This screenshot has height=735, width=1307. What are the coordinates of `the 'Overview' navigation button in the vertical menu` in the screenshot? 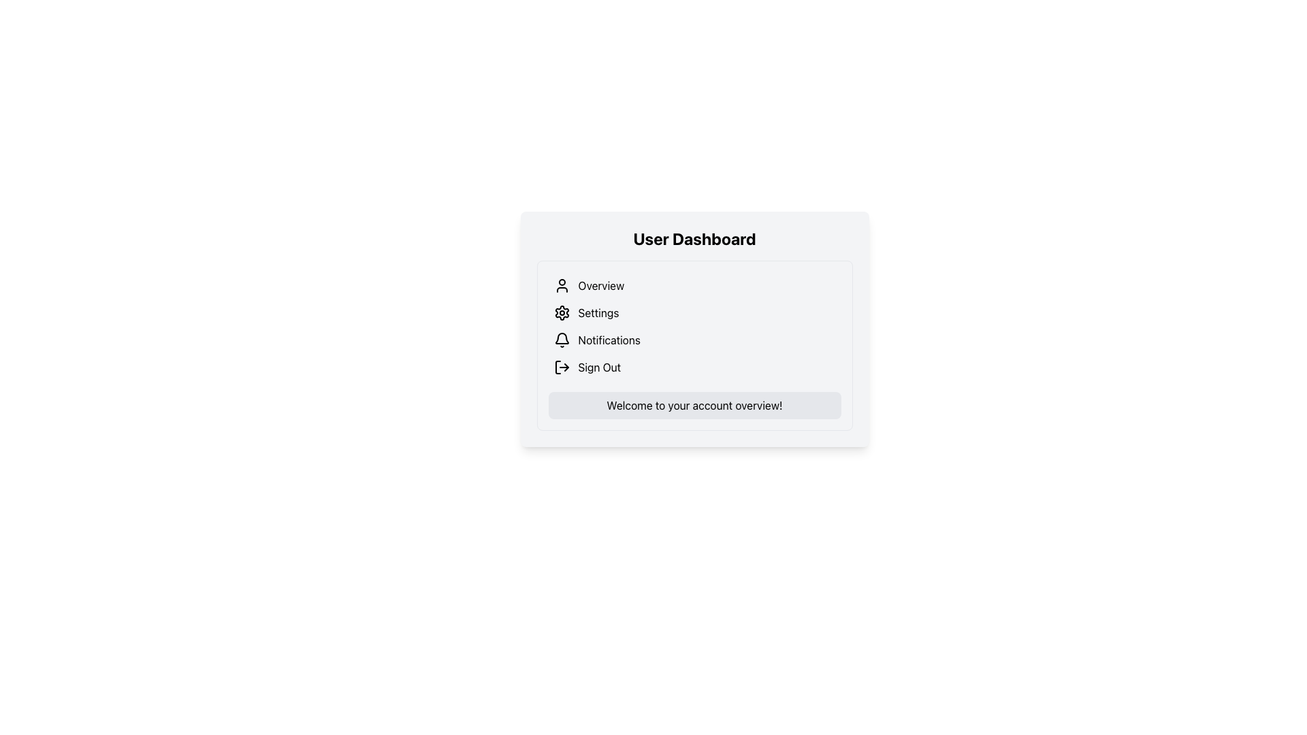 It's located at (694, 285).